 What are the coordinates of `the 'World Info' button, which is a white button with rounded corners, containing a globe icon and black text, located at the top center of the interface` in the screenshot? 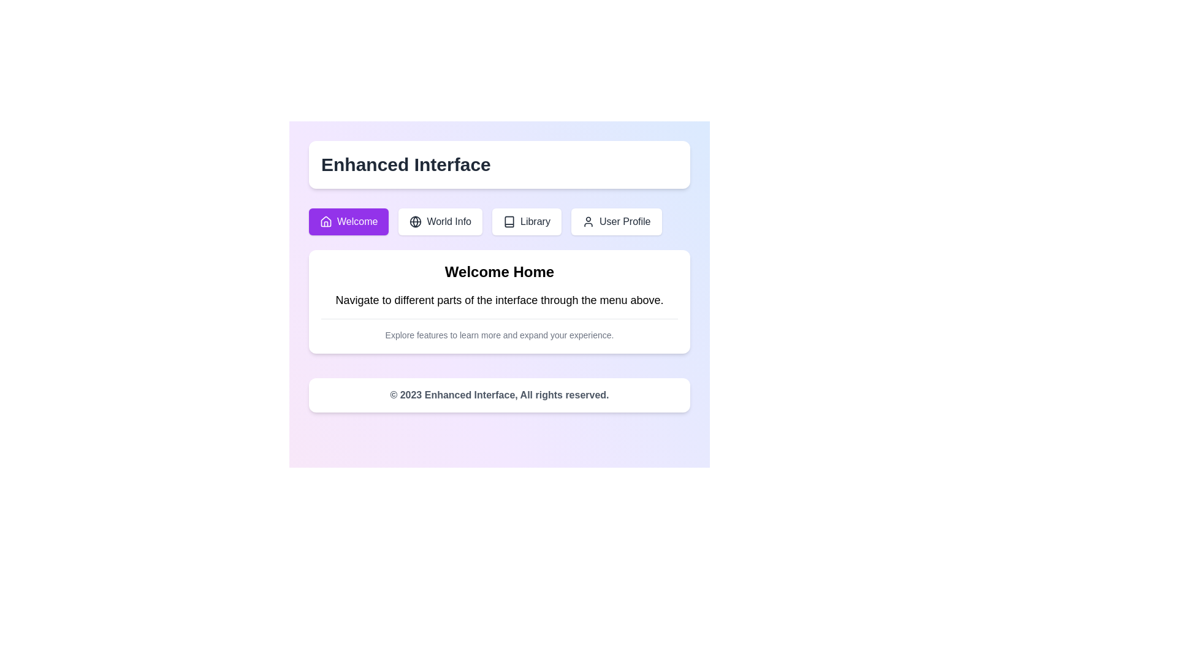 It's located at (440, 221).